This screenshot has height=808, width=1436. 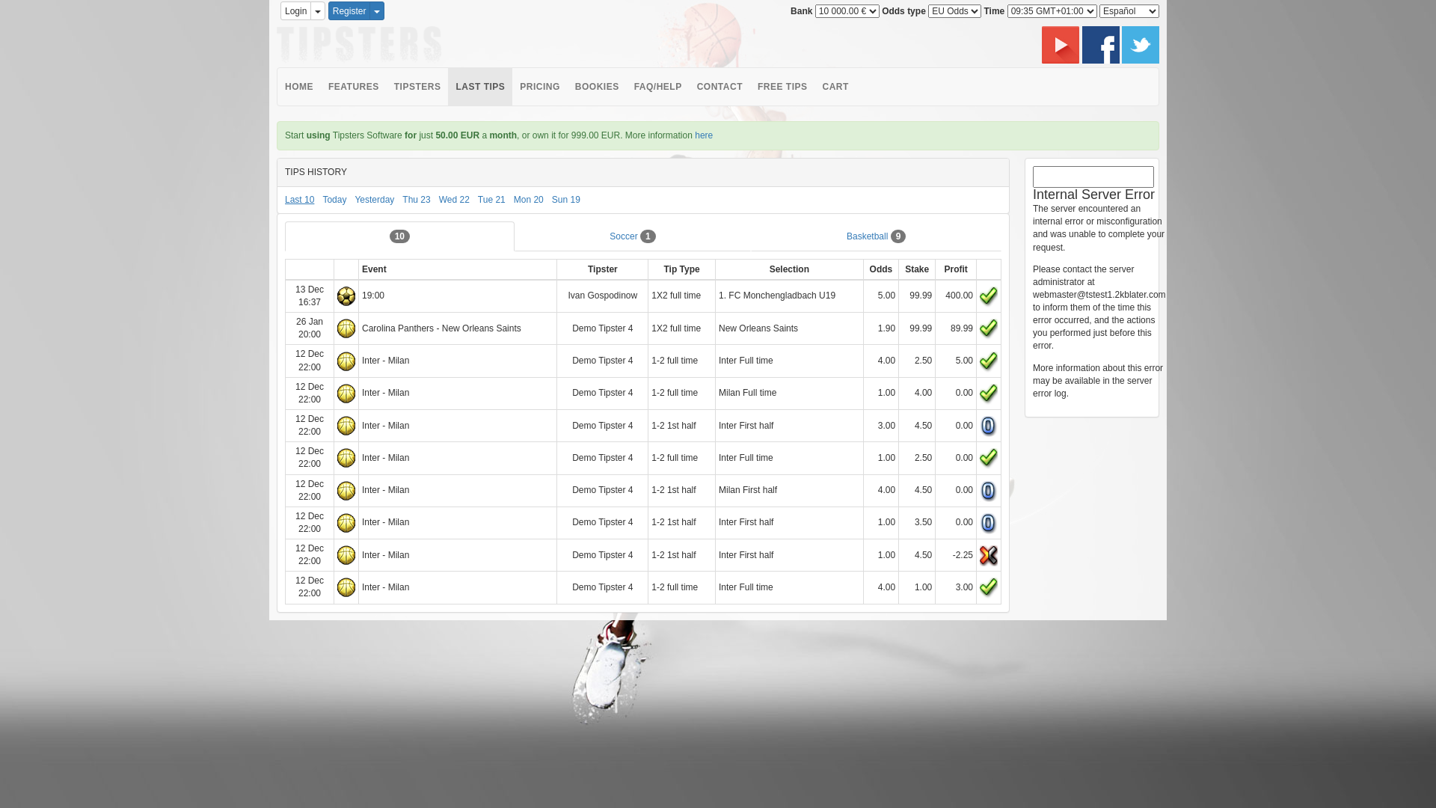 I want to click on ' on Facebook', so click(x=1102, y=43).